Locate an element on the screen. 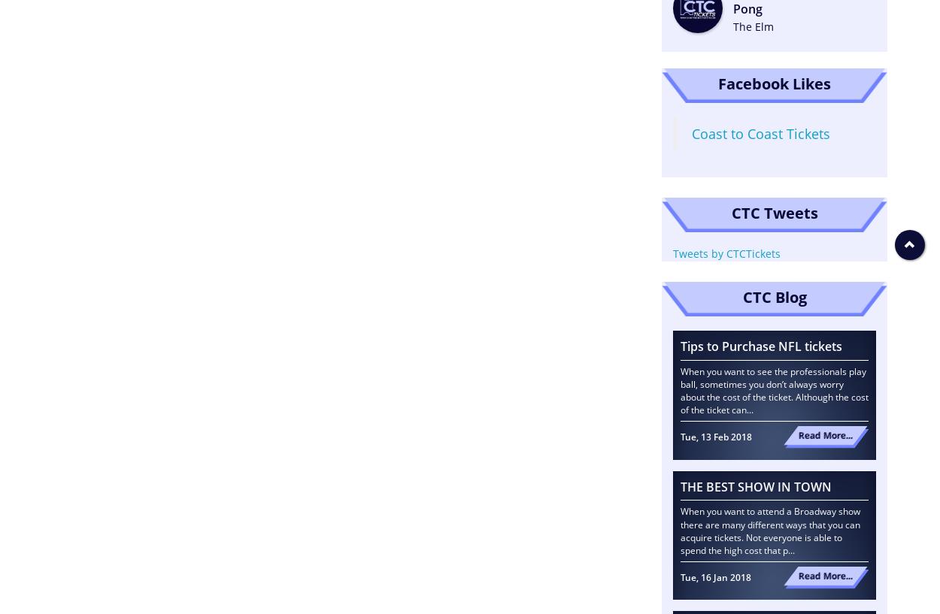 The image size is (940, 614). 'CTC Blog' is located at coordinates (741, 295).